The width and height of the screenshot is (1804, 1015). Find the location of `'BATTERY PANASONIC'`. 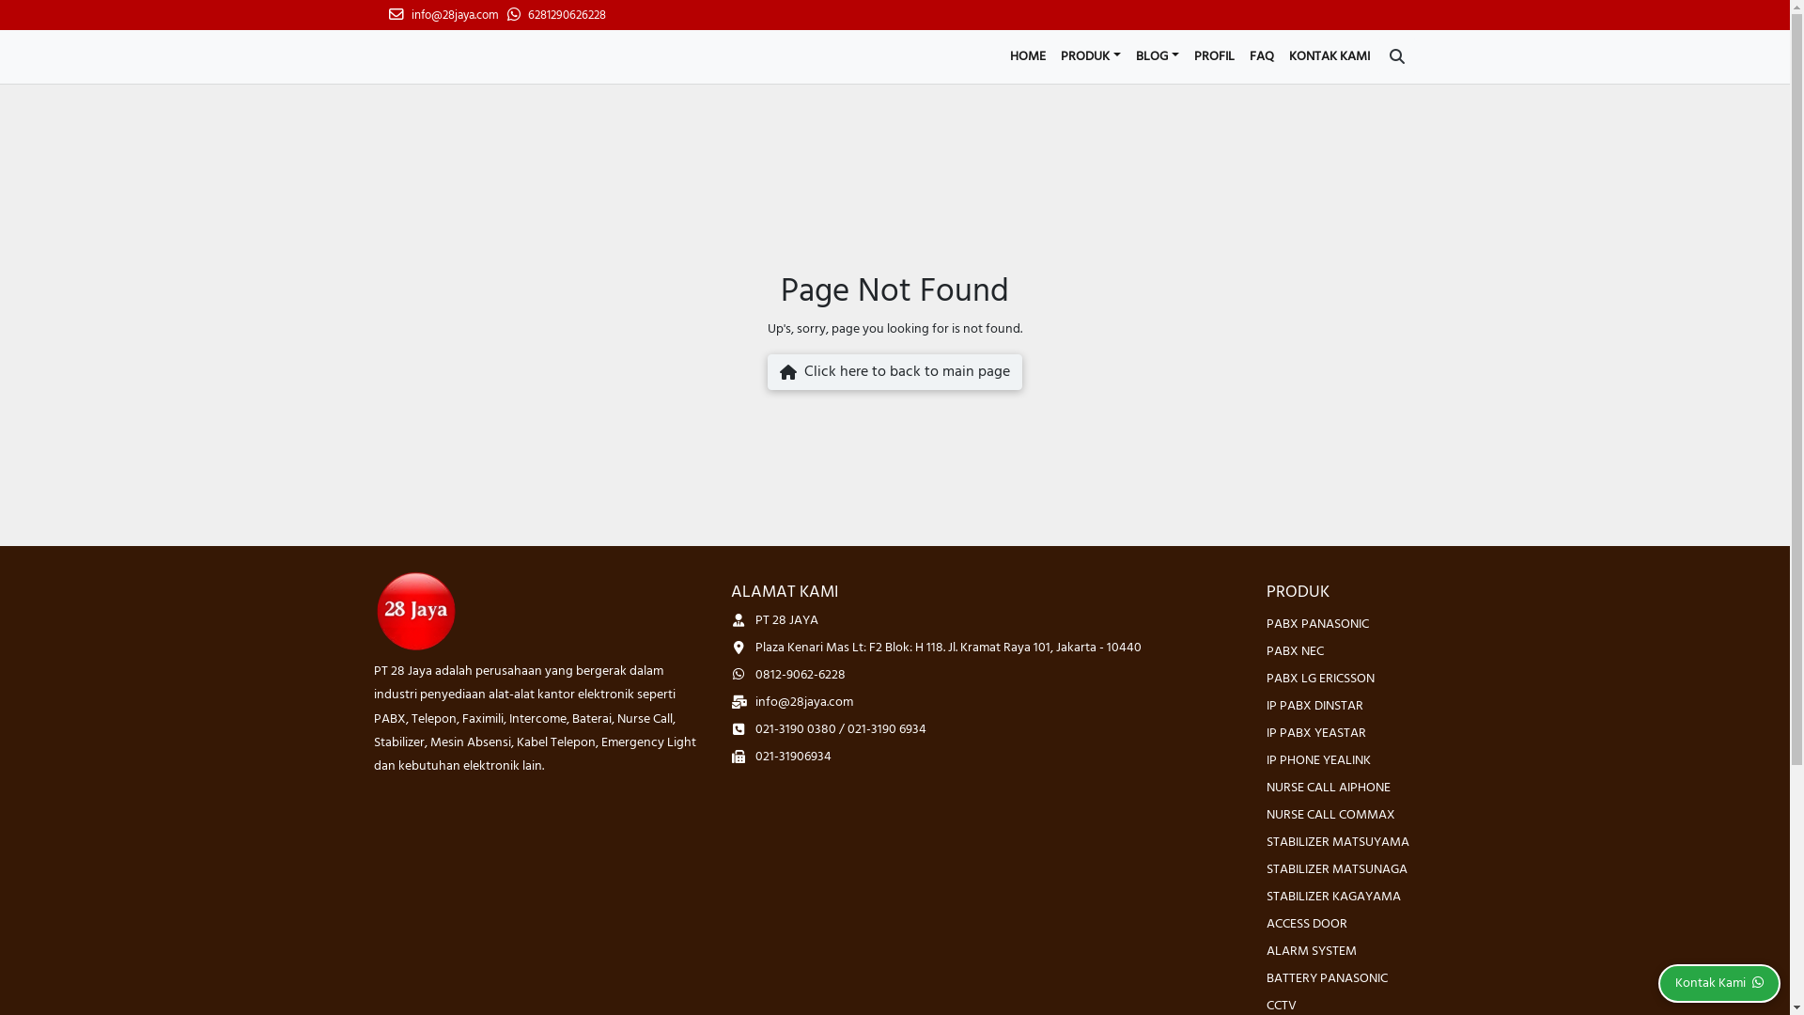

'BATTERY PANASONIC' is located at coordinates (1326, 977).